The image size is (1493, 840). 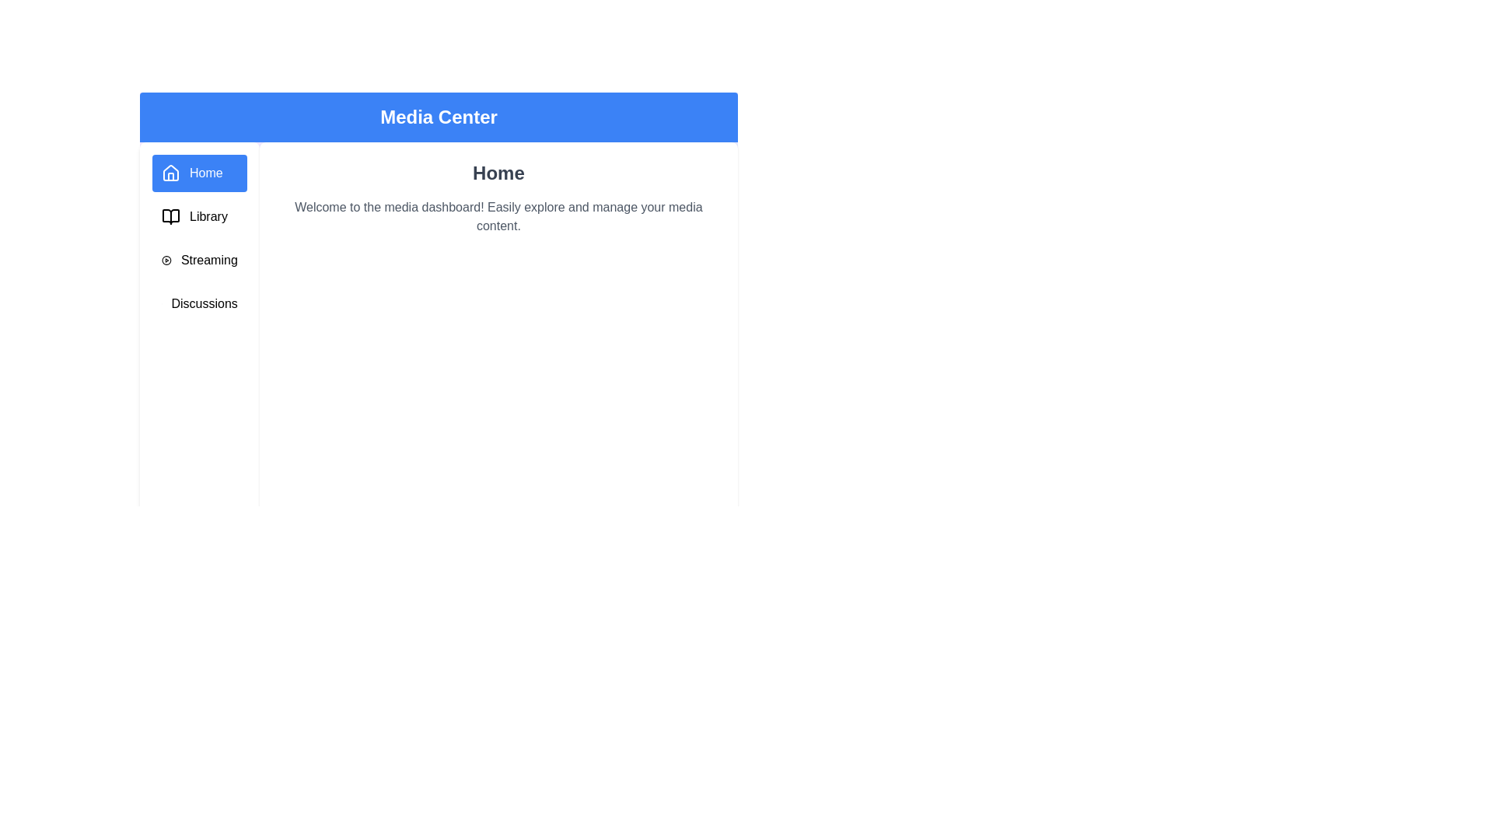 I want to click on the sidebar item corresponding to Streaming, so click(x=198, y=260).